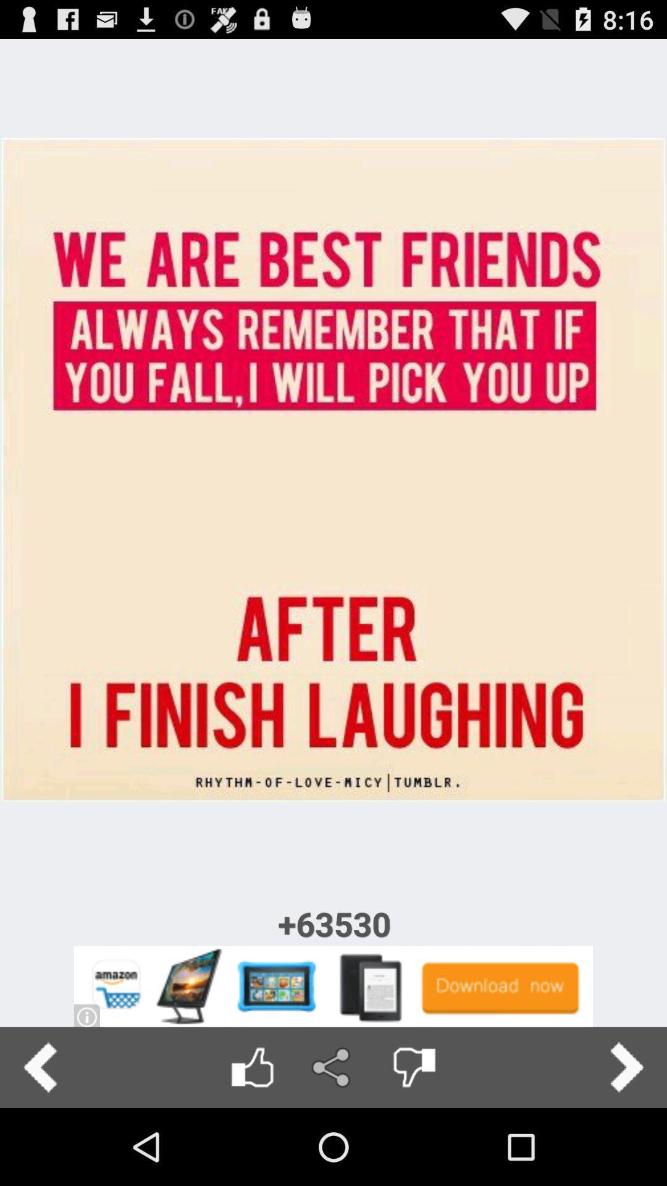 Image resolution: width=667 pixels, height=1186 pixels. I want to click on share image, so click(332, 1067).